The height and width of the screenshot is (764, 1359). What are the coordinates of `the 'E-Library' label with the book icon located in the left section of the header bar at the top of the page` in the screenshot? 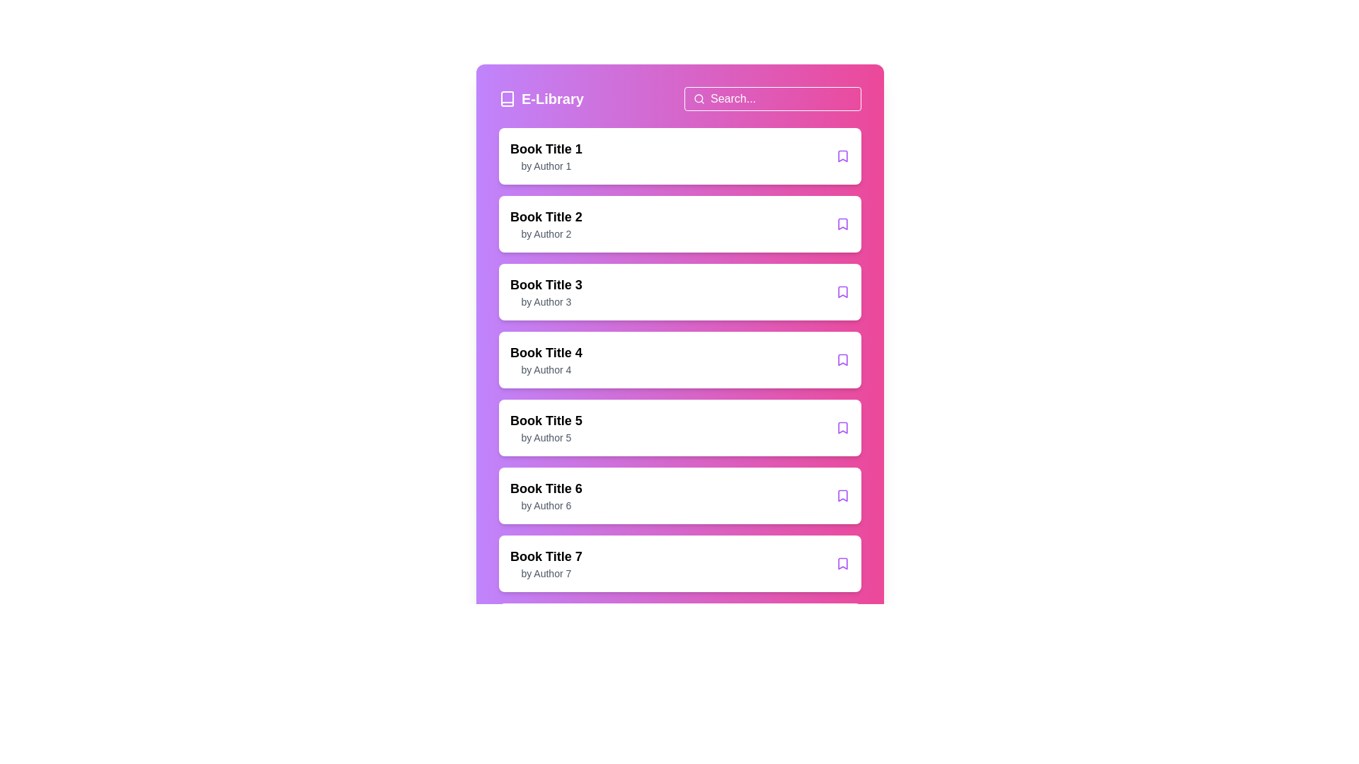 It's located at (540, 98).